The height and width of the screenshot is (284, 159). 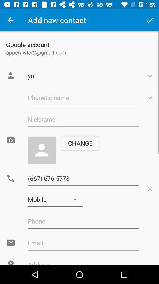 What do you see at coordinates (11, 178) in the screenshot?
I see `the call icon beside 6676765778` at bounding box center [11, 178].